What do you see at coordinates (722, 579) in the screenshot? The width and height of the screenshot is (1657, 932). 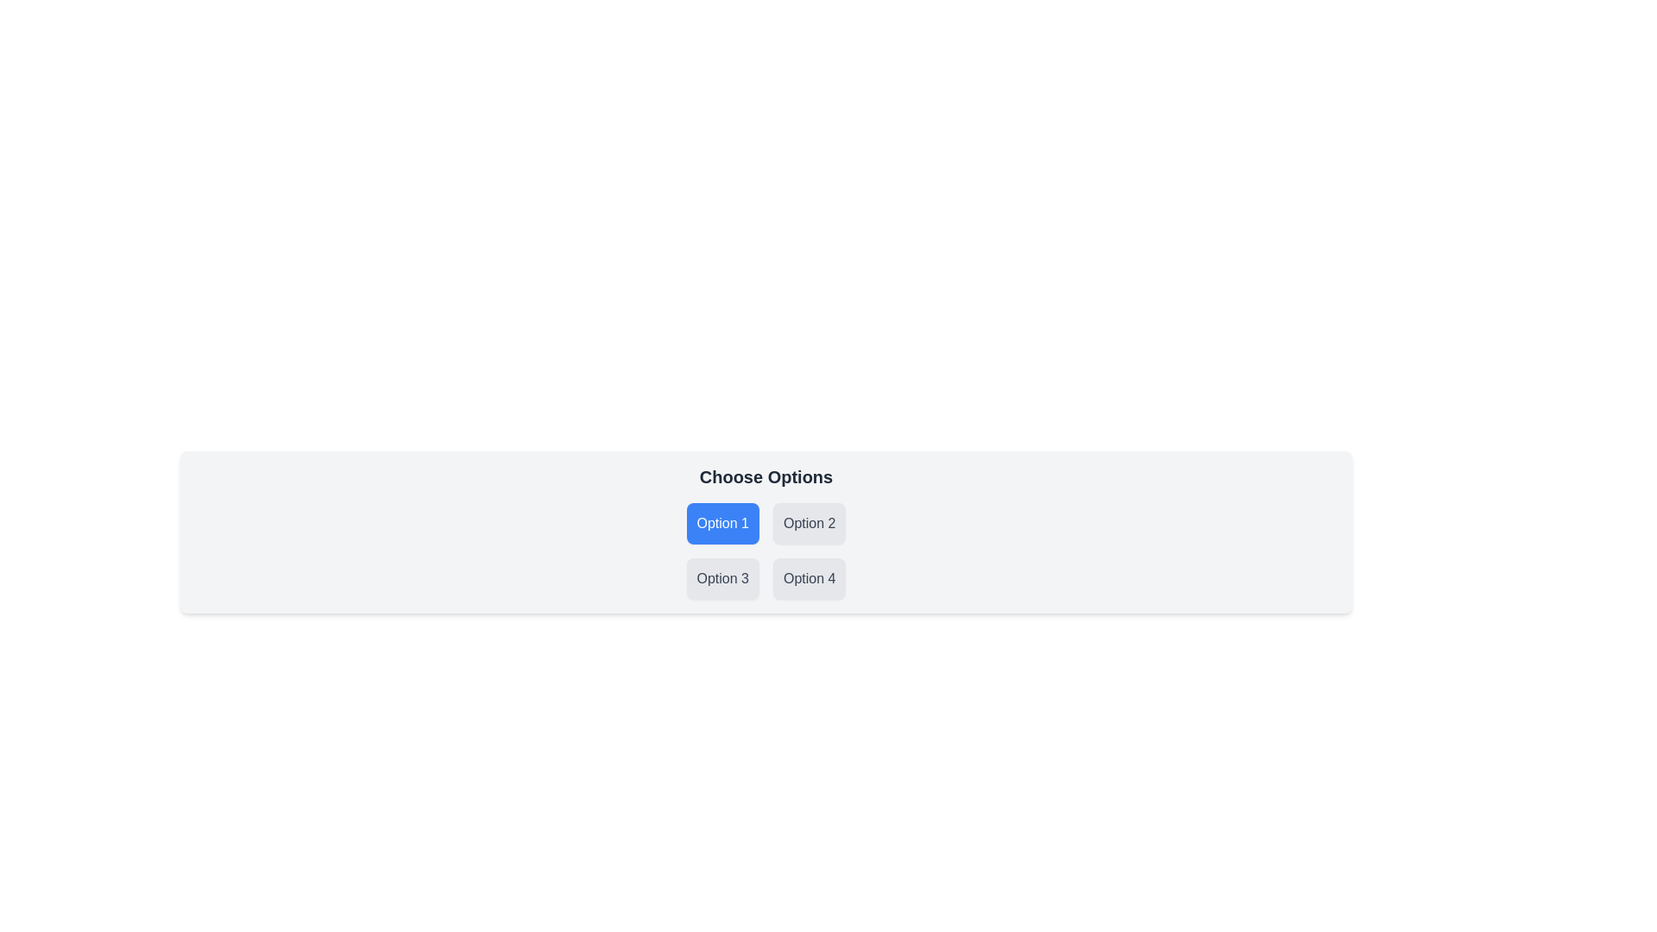 I see `the button labeled 'Option 3' located at the bottom-left corner of the button grid` at bounding box center [722, 579].